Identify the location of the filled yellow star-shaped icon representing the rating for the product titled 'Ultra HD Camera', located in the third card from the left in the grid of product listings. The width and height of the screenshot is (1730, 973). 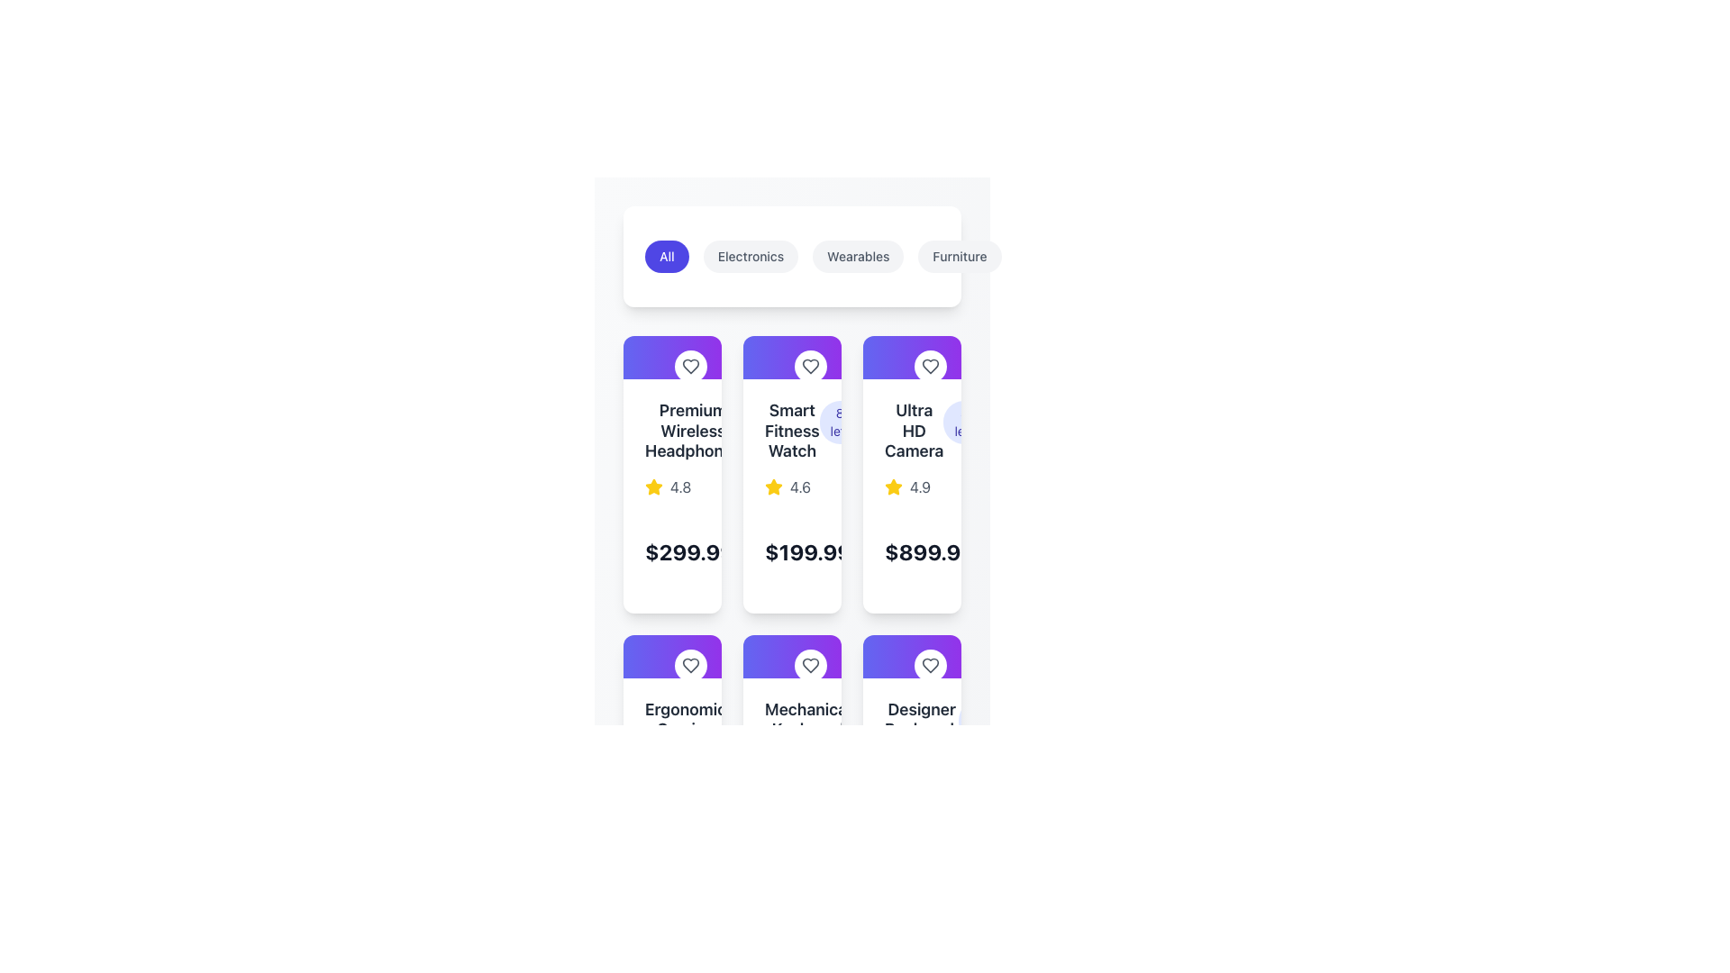
(894, 486).